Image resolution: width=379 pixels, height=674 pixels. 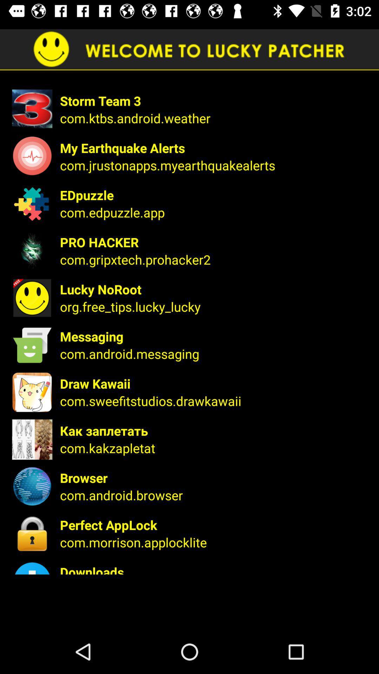 I want to click on pro hacker app, so click(x=214, y=242).